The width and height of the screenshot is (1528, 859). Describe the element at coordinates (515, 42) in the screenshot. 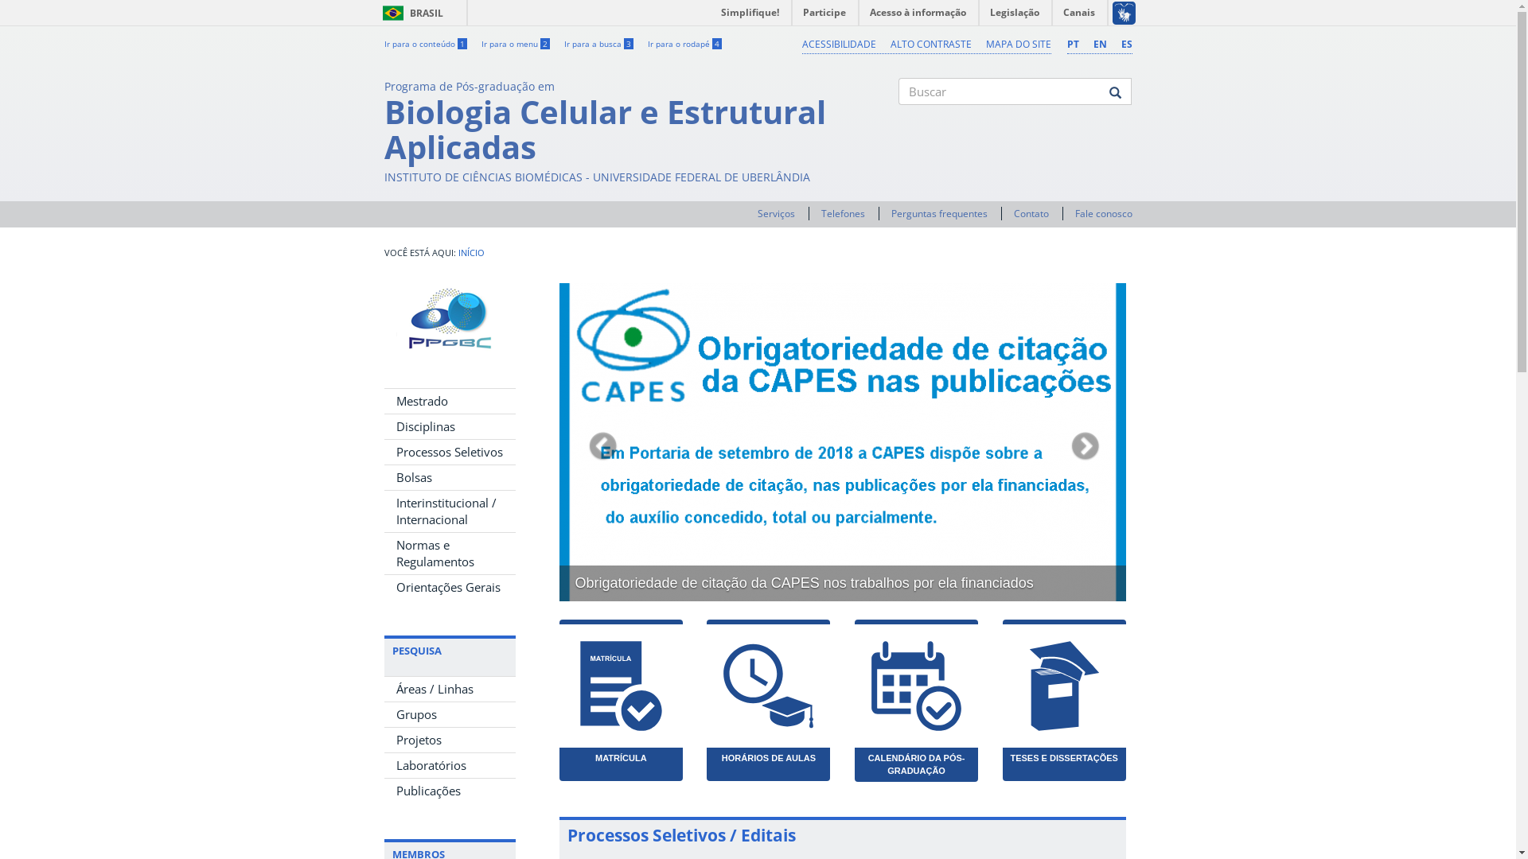

I see `'Ir para o menu 2'` at that location.